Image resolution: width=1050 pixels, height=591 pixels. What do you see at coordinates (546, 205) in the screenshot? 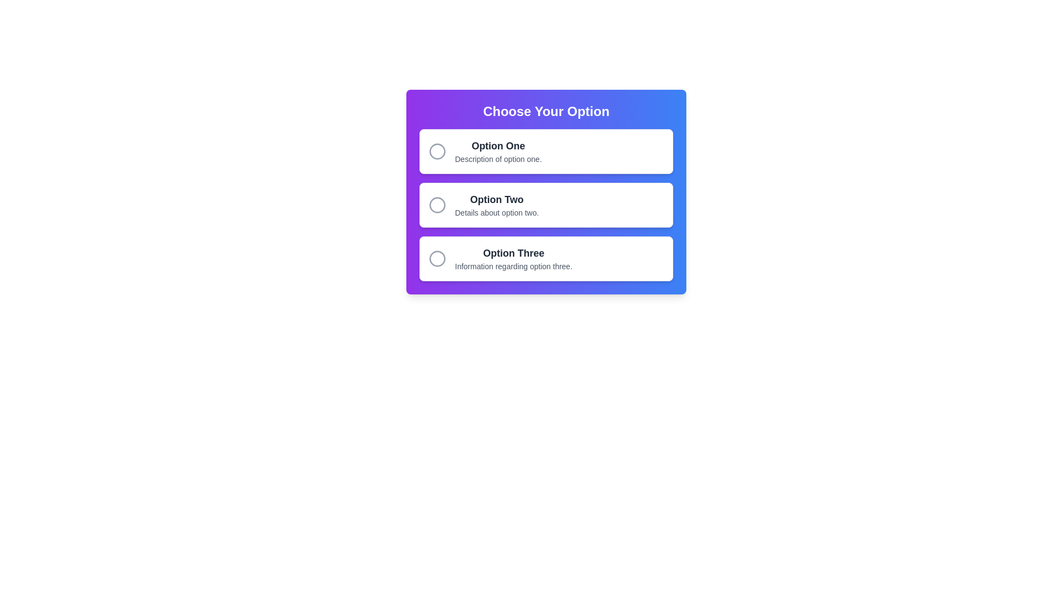
I see `the 'Option Two' radio button` at bounding box center [546, 205].